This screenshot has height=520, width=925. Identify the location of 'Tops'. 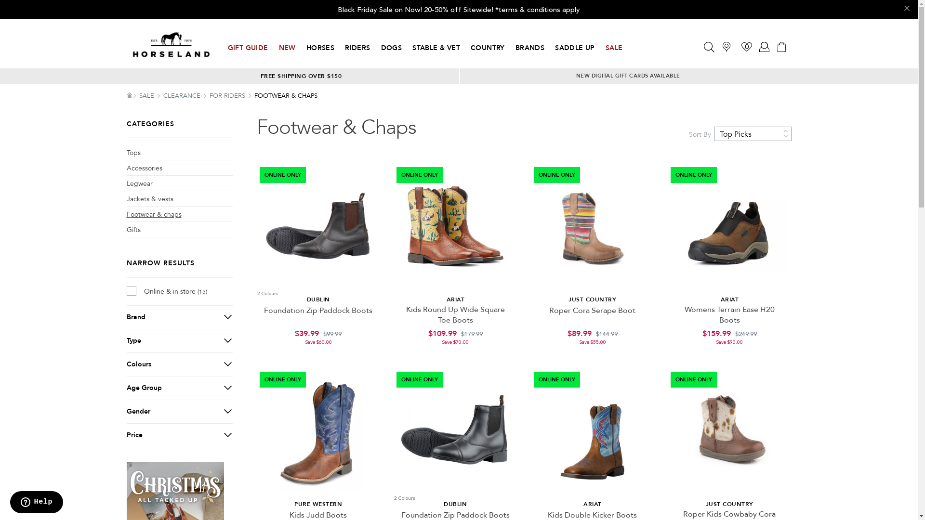
(132, 152).